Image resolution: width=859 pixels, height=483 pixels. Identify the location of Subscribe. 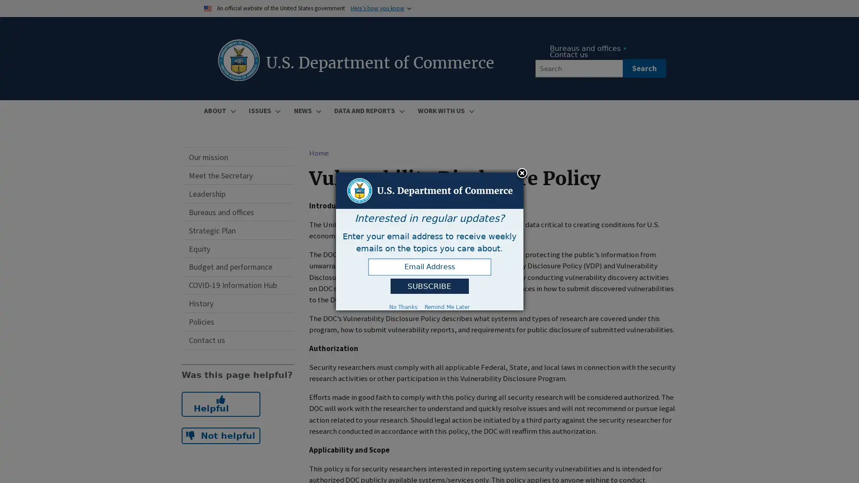
(429, 286).